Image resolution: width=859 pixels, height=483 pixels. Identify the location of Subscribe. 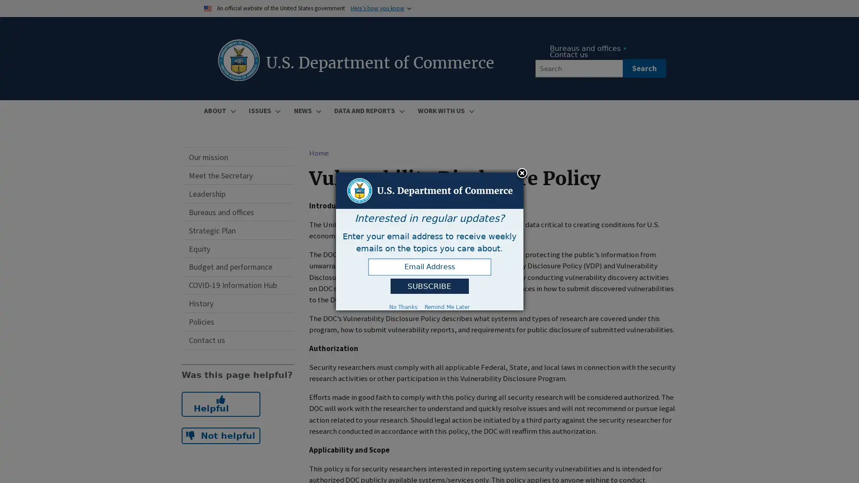
(429, 286).